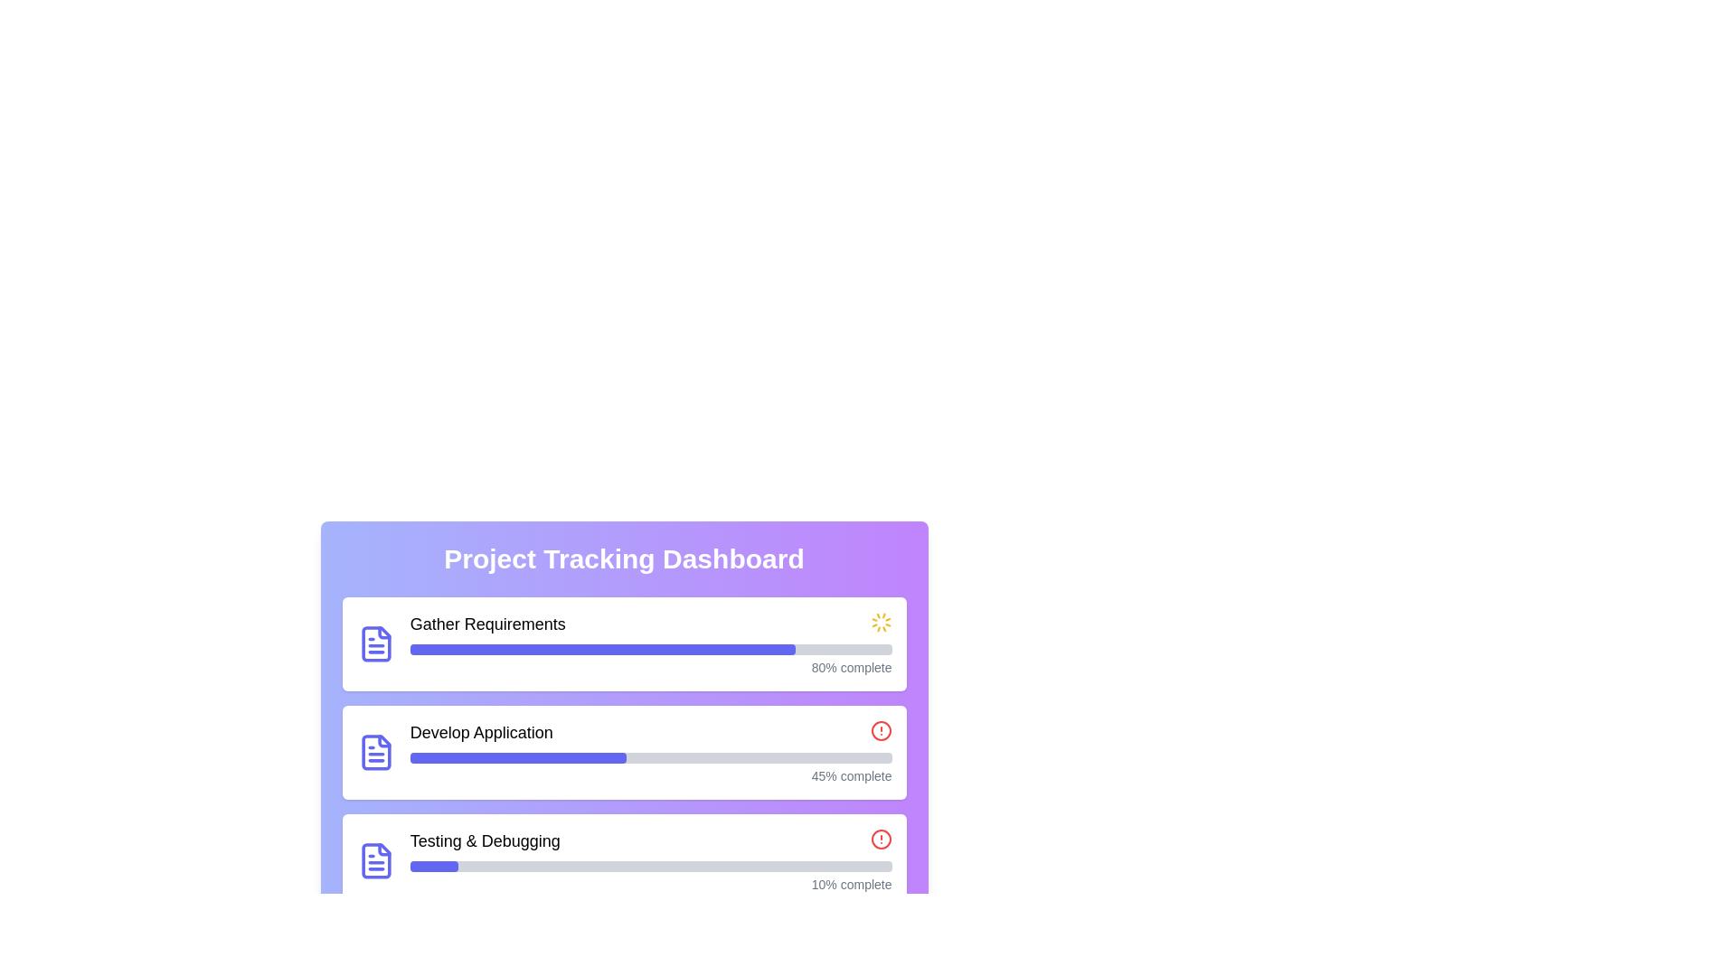 This screenshot has width=1736, height=976. I want to click on the vibrant blue Decorative Icon Component that resembles a document in the progress tracking card titled 'Gather Requirements', so click(375, 643).